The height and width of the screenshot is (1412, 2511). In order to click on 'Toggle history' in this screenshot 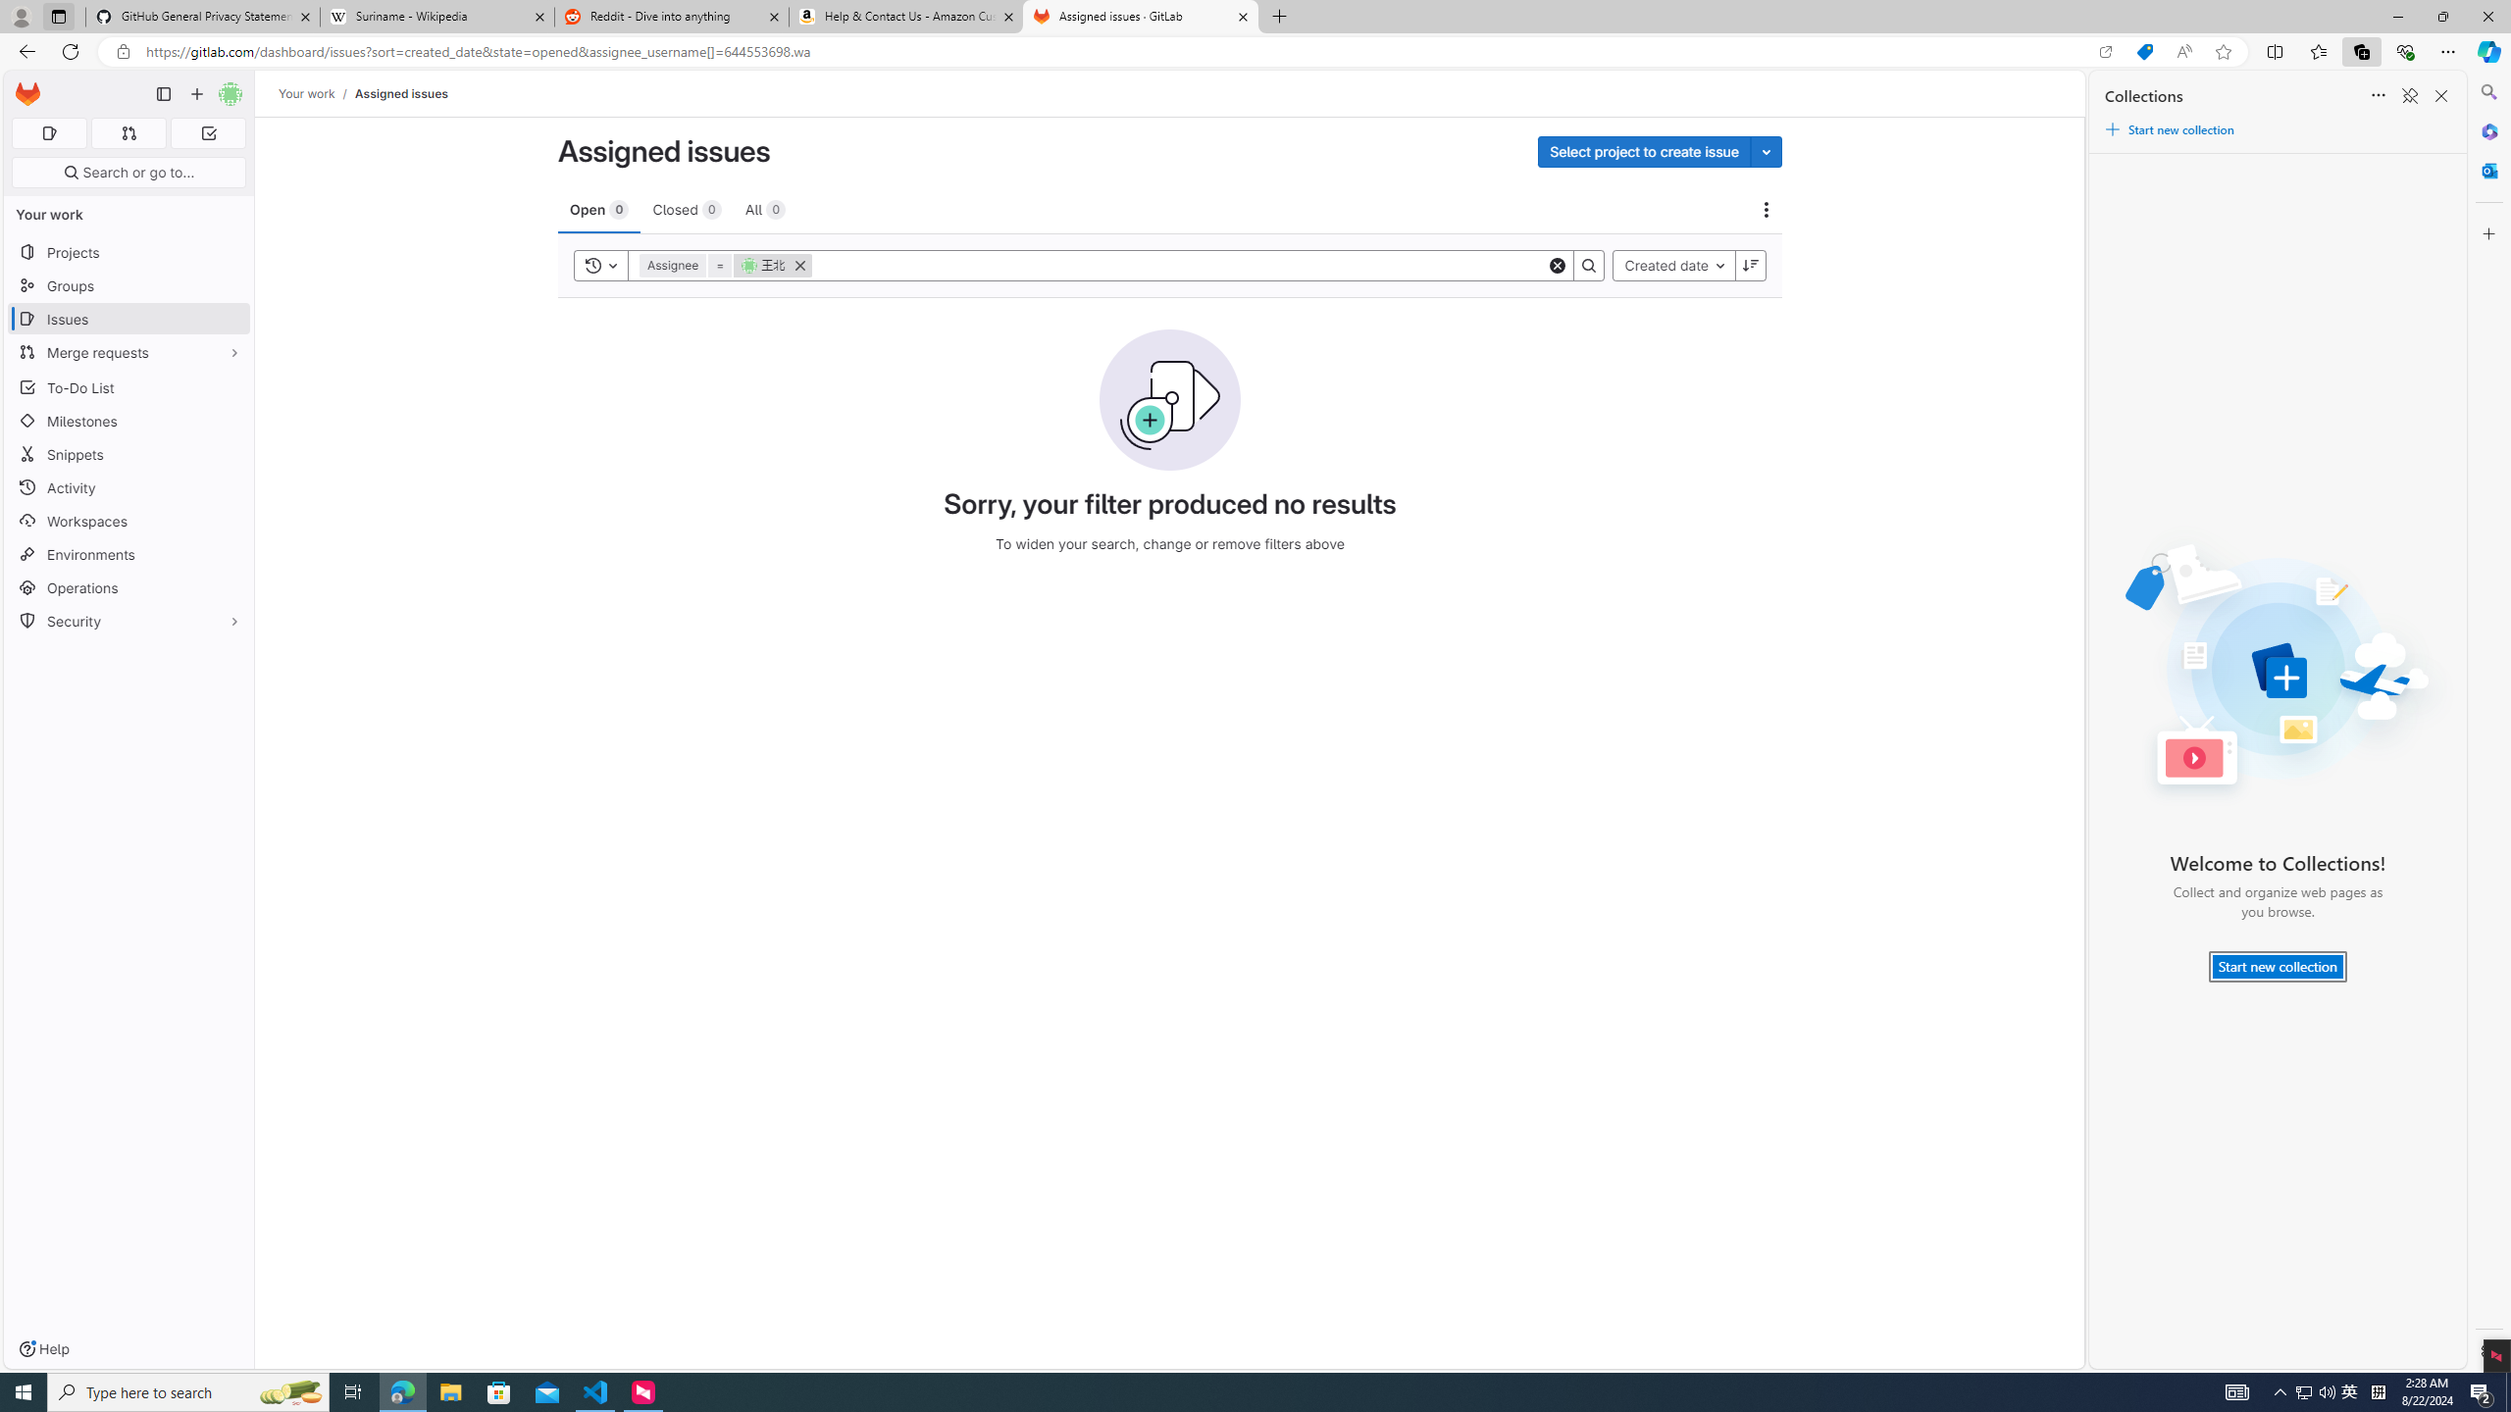, I will do `click(600, 264)`.